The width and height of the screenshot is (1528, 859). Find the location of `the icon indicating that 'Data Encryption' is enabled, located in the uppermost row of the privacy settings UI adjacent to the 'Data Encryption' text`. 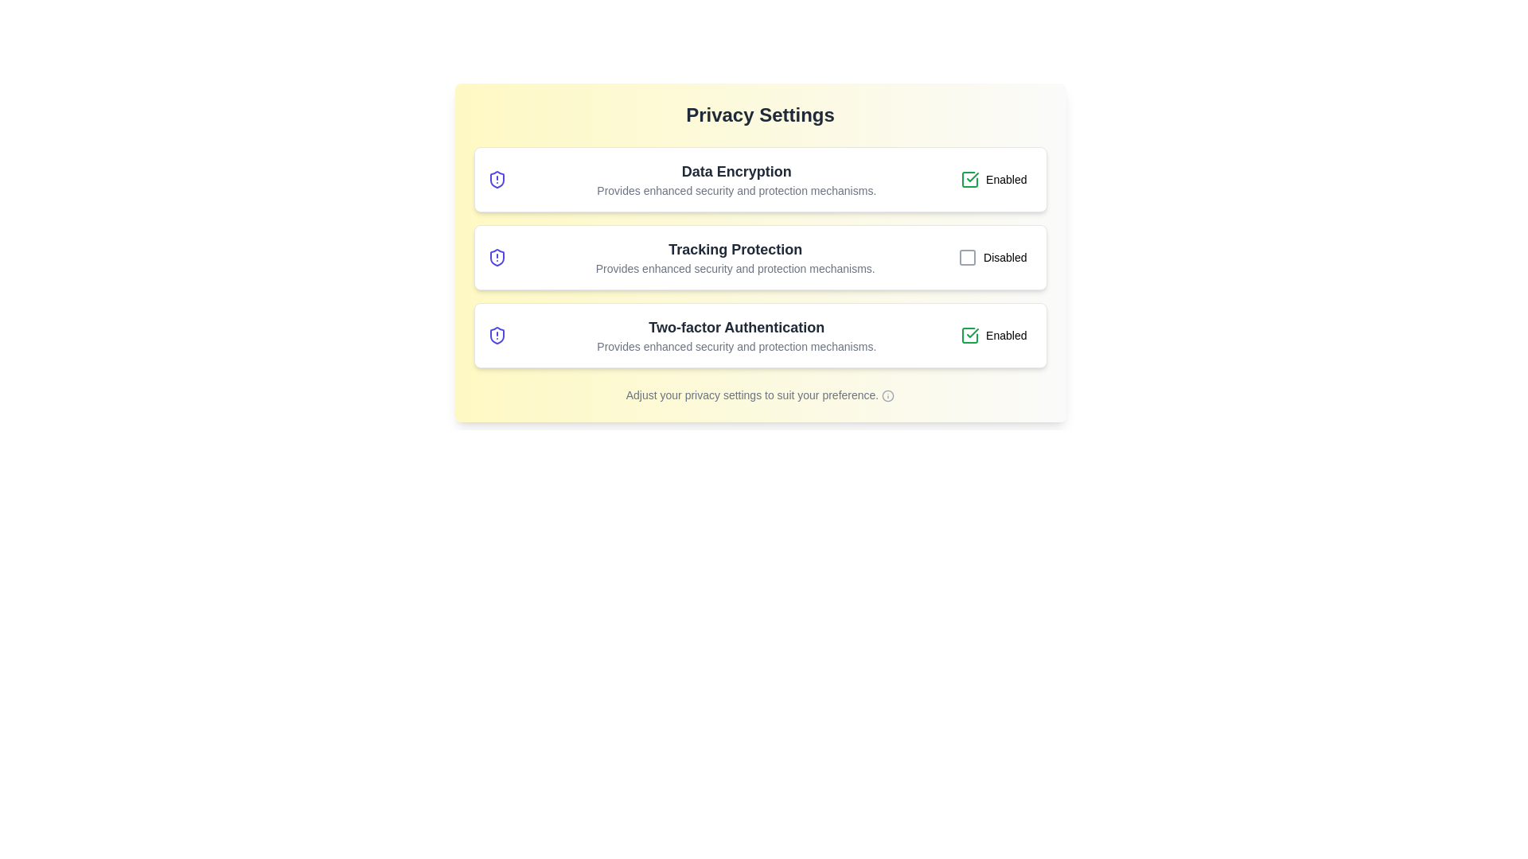

the icon indicating that 'Data Encryption' is enabled, located in the uppermost row of the privacy settings UI adjacent to the 'Data Encryption' text is located at coordinates (969, 334).